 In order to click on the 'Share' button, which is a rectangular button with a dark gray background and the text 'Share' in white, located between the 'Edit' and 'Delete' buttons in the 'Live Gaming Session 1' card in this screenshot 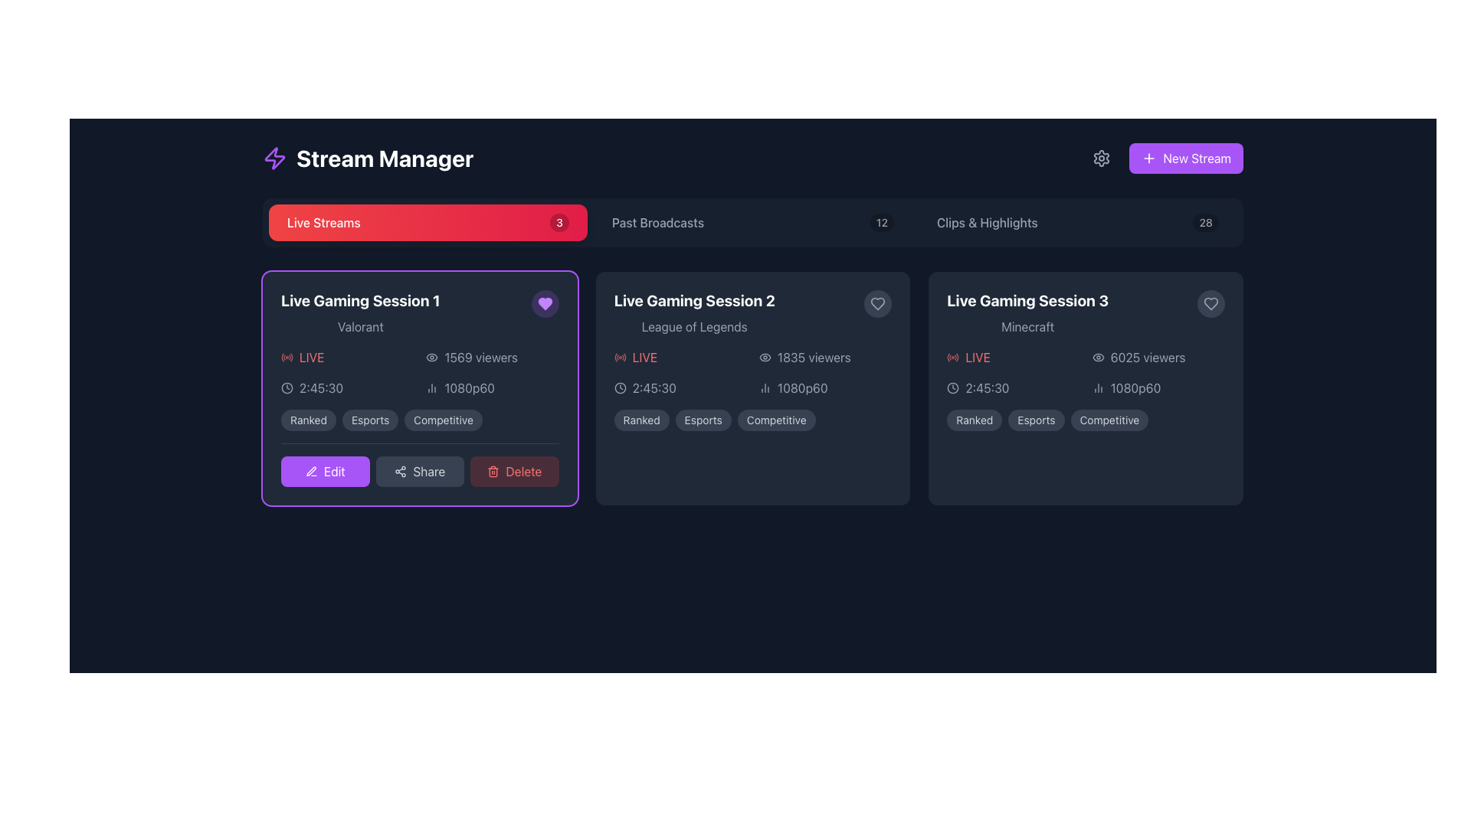, I will do `click(420, 464)`.